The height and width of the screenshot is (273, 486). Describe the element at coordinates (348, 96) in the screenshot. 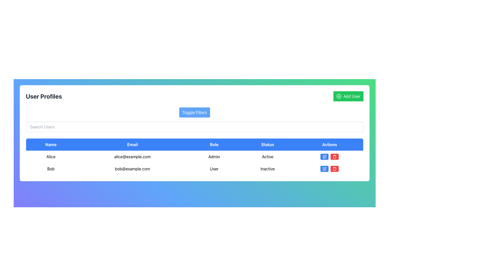

I see `the button used to initiate the process of adding a new user, located at the top-right corner of the visible section` at that location.